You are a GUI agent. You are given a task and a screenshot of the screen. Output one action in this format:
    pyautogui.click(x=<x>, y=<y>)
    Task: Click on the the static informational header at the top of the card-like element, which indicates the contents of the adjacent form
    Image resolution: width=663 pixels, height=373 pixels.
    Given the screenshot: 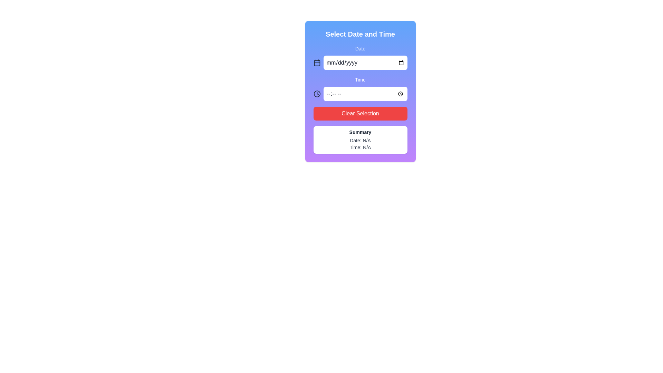 What is the action you would take?
    pyautogui.click(x=360, y=34)
    